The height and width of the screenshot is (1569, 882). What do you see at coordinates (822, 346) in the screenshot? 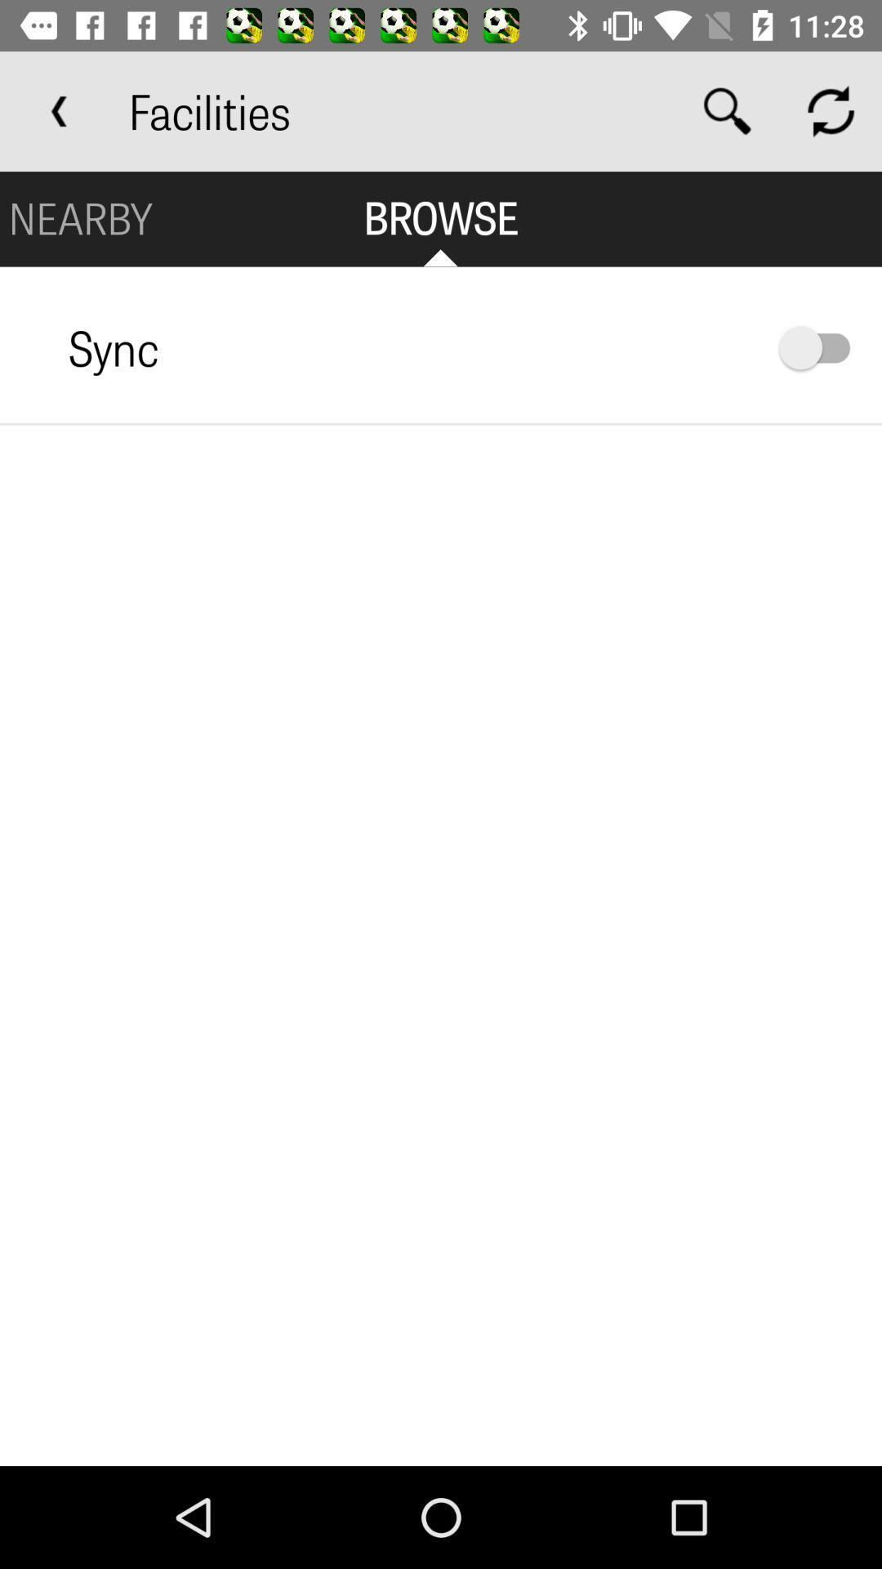
I see `sync` at bounding box center [822, 346].